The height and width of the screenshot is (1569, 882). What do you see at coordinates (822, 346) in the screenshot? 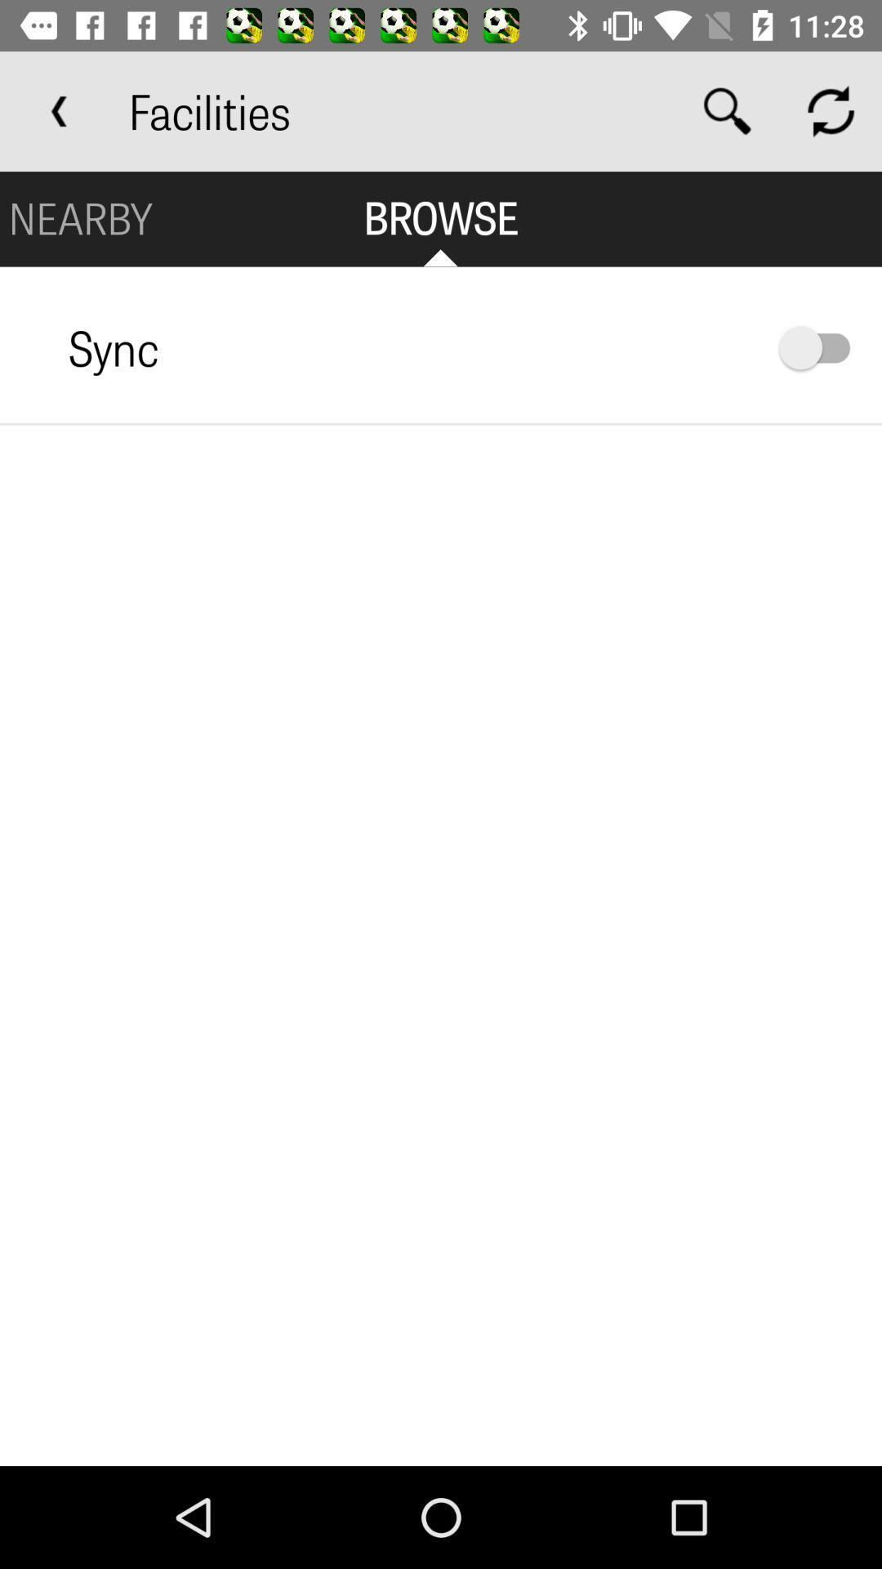
I see `sync` at bounding box center [822, 346].